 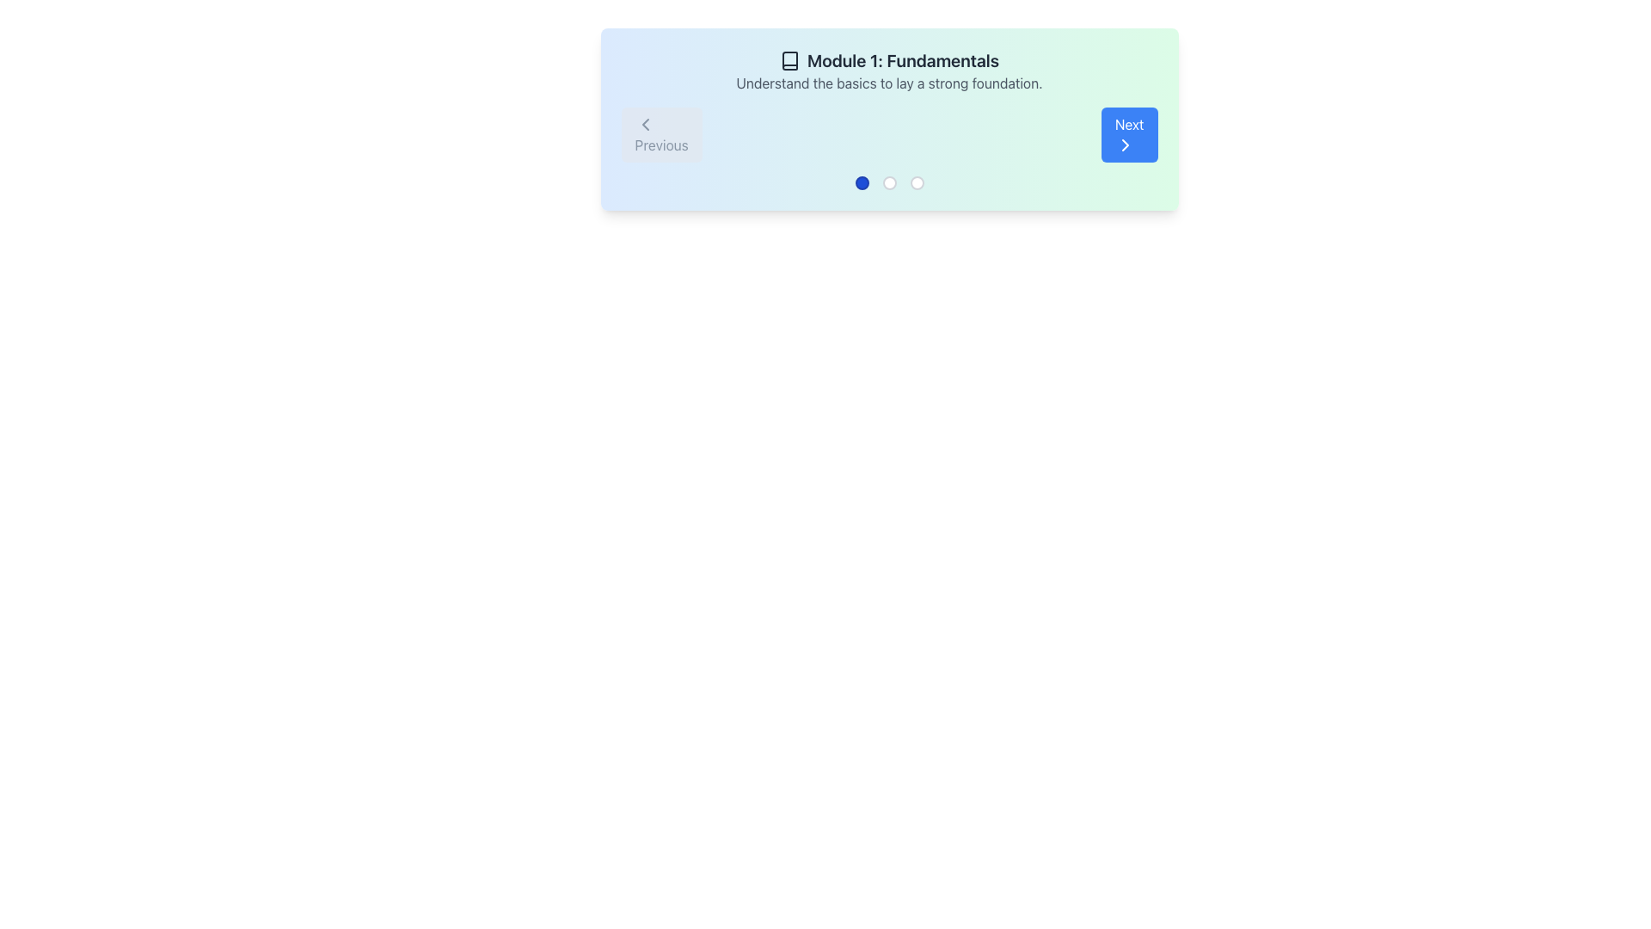 I want to click on the 'Next' button located at the far right of the interface, positioned below 'Module 1: Fundamentals', to proceed to the next step in the workflow, so click(x=1129, y=134).